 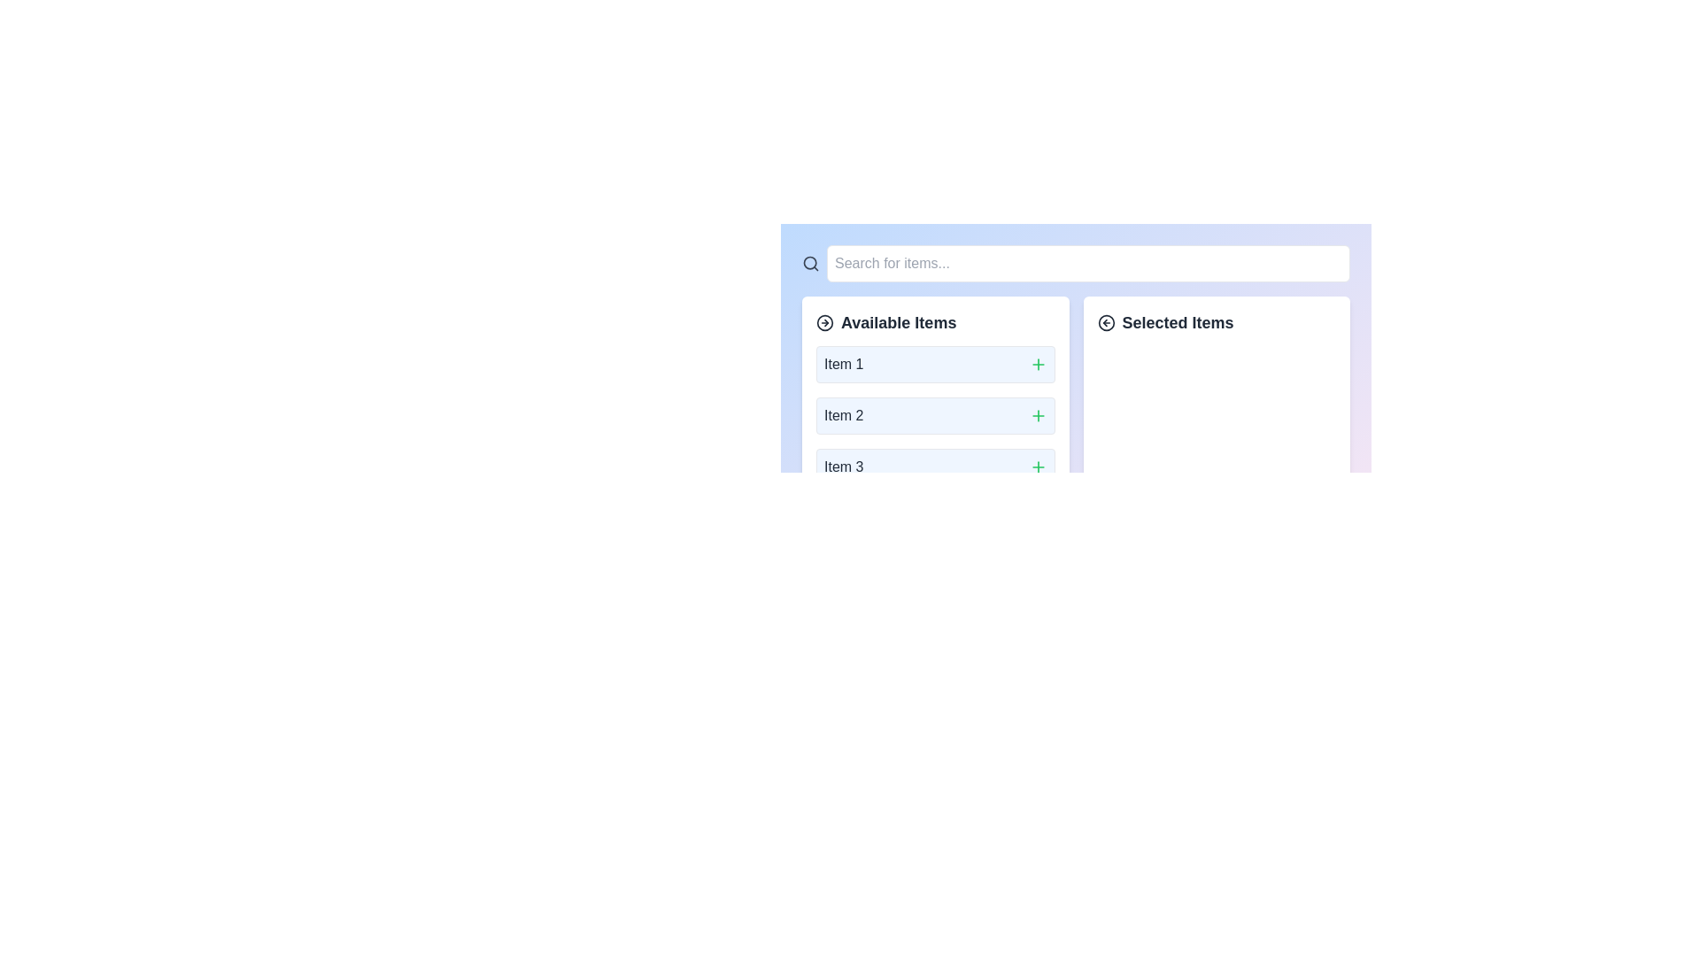 What do you see at coordinates (1105, 323) in the screenshot?
I see `the interactive navigation icon located to the left of the 'Selected Items' title` at bounding box center [1105, 323].